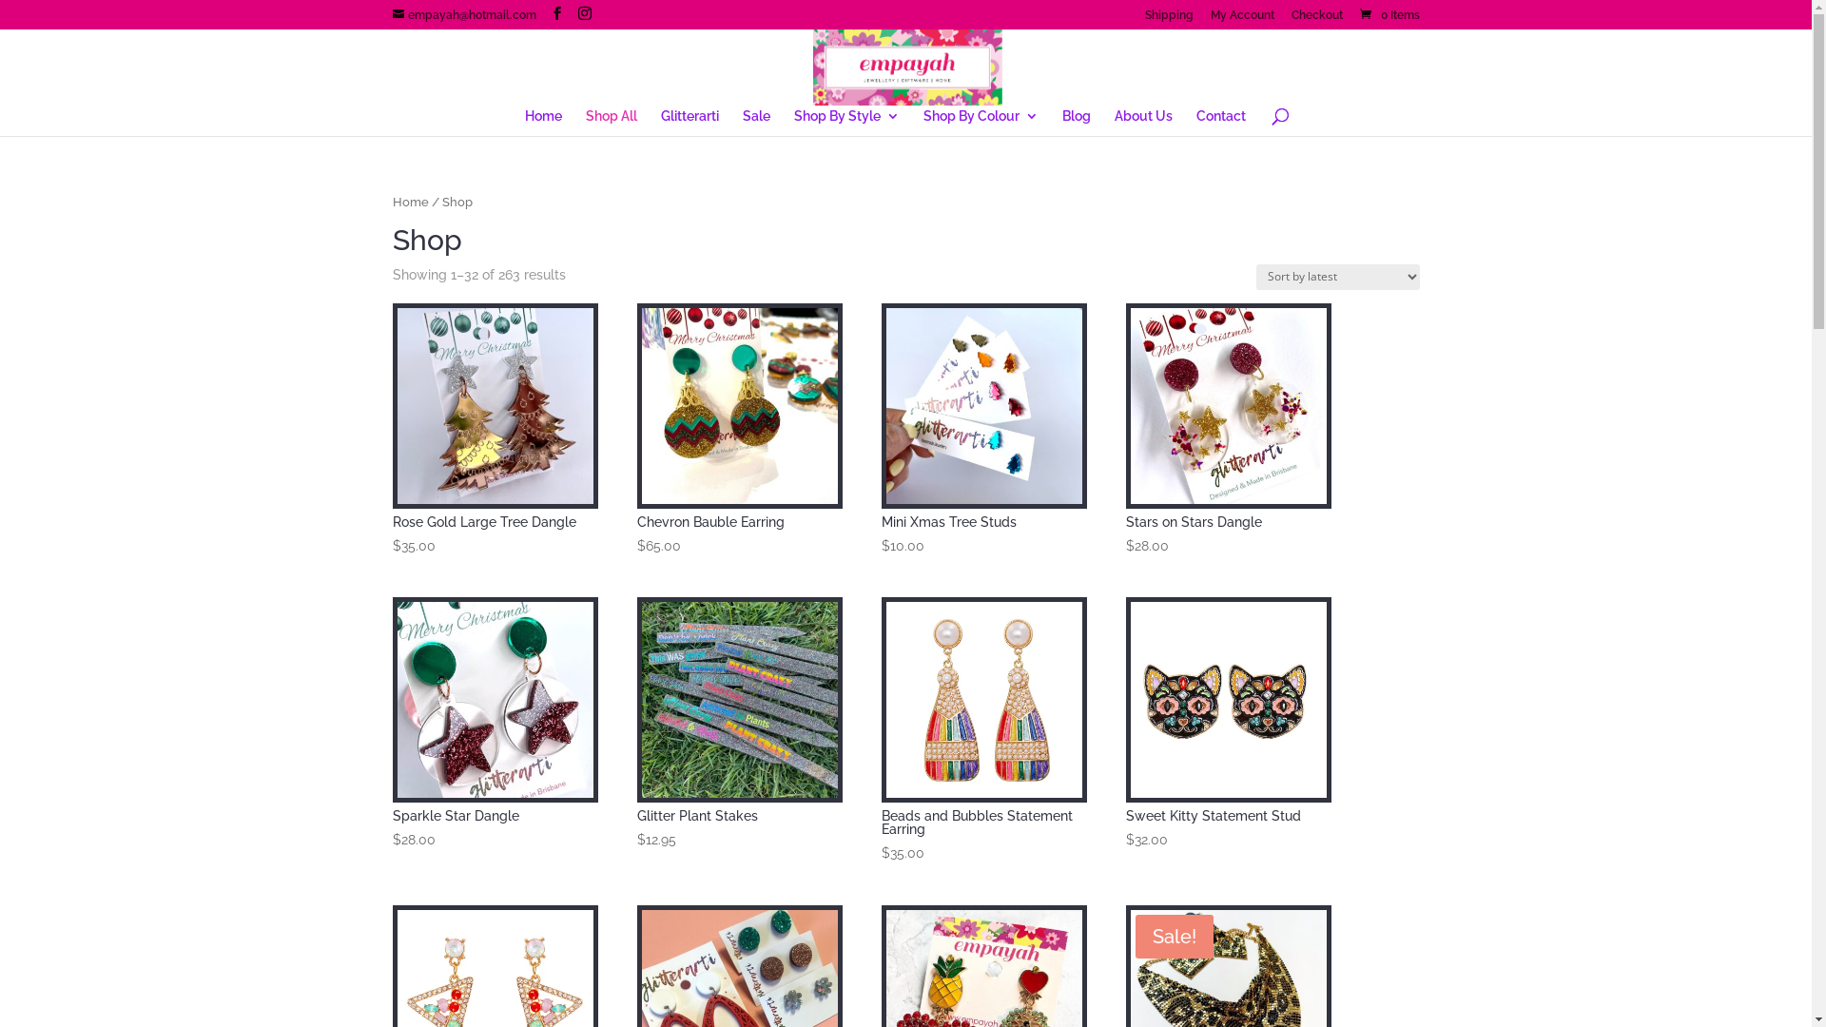 The height and width of the screenshot is (1027, 1826). What do you see at coordinates (1228, 430) in the screenshot?
I see `'Stars on Stars Dangle` at bounding box center [1228, 430].